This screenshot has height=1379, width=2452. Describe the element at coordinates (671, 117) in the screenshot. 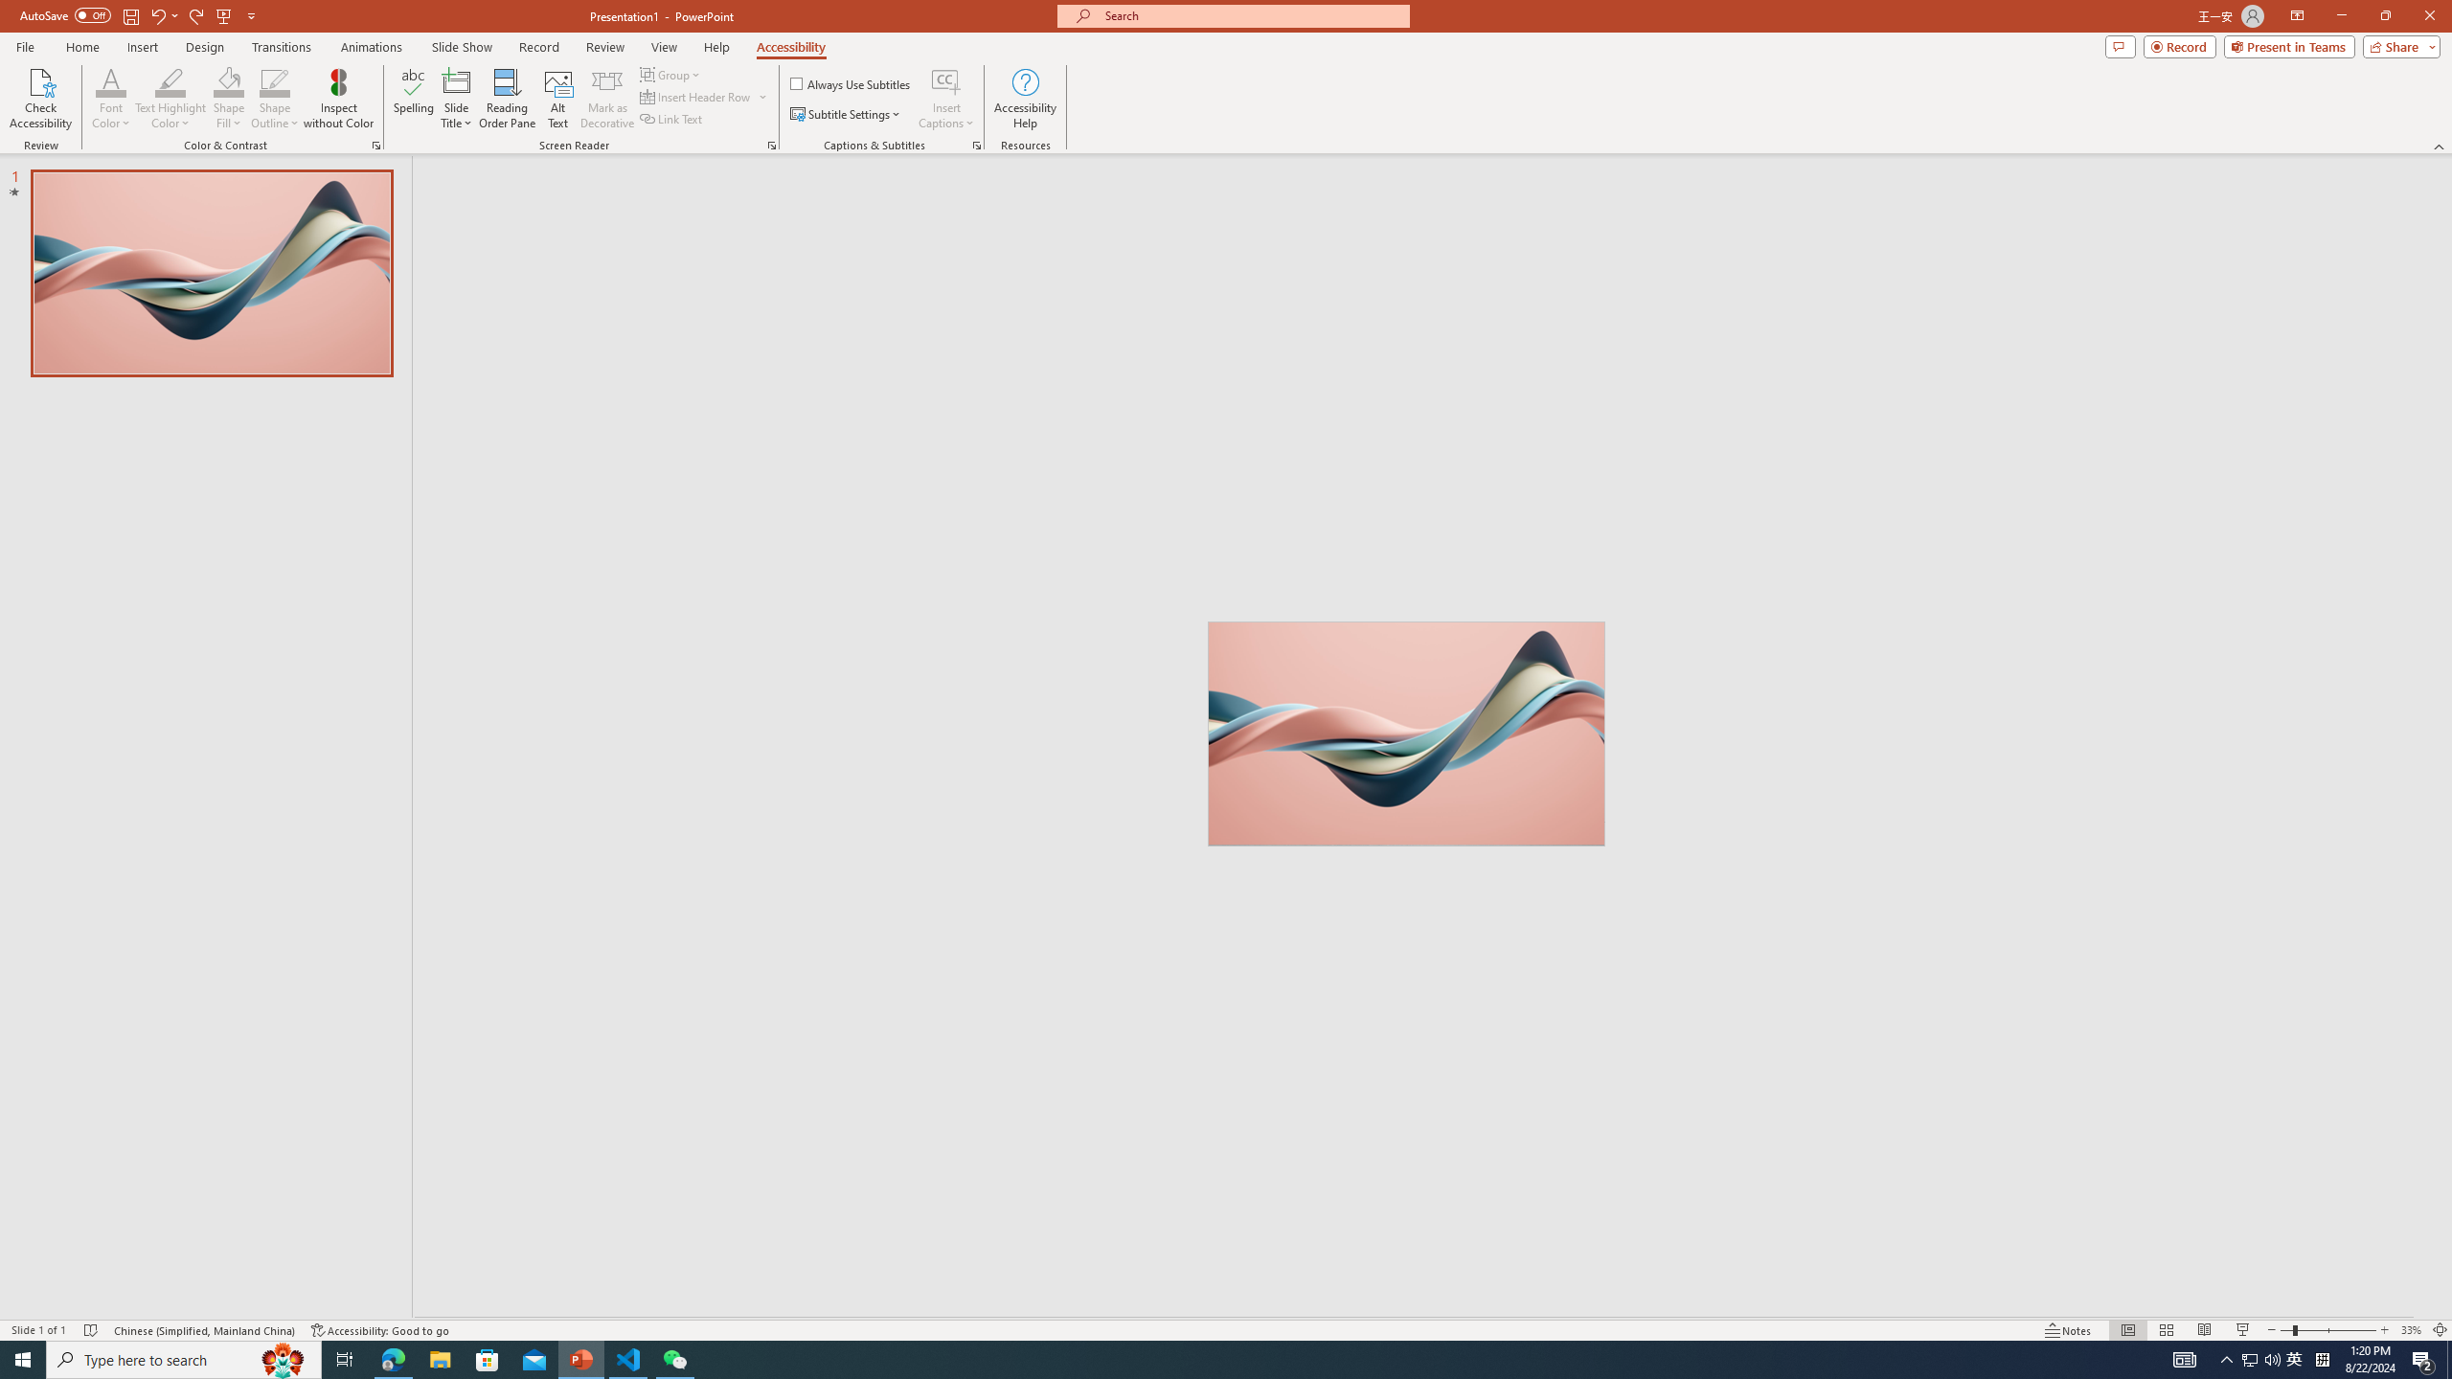

I see `'Link Text'` at that location.